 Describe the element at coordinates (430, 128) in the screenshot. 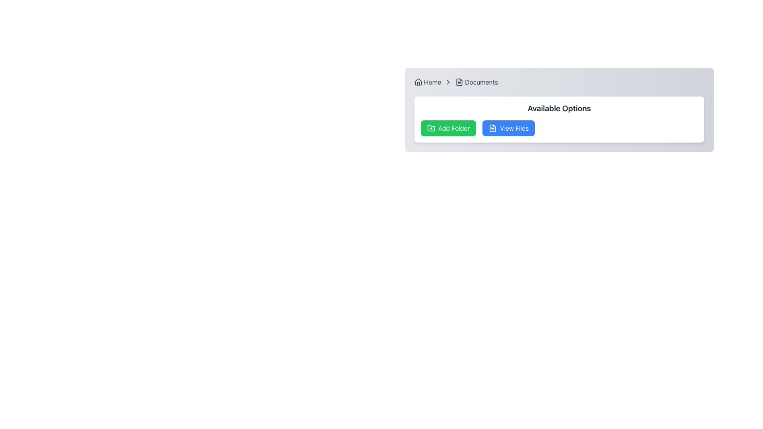

I see `the green rectangular button containing the small folder icon with a '+' symbol, located to the left of the 'Add Folder' text` at that location.